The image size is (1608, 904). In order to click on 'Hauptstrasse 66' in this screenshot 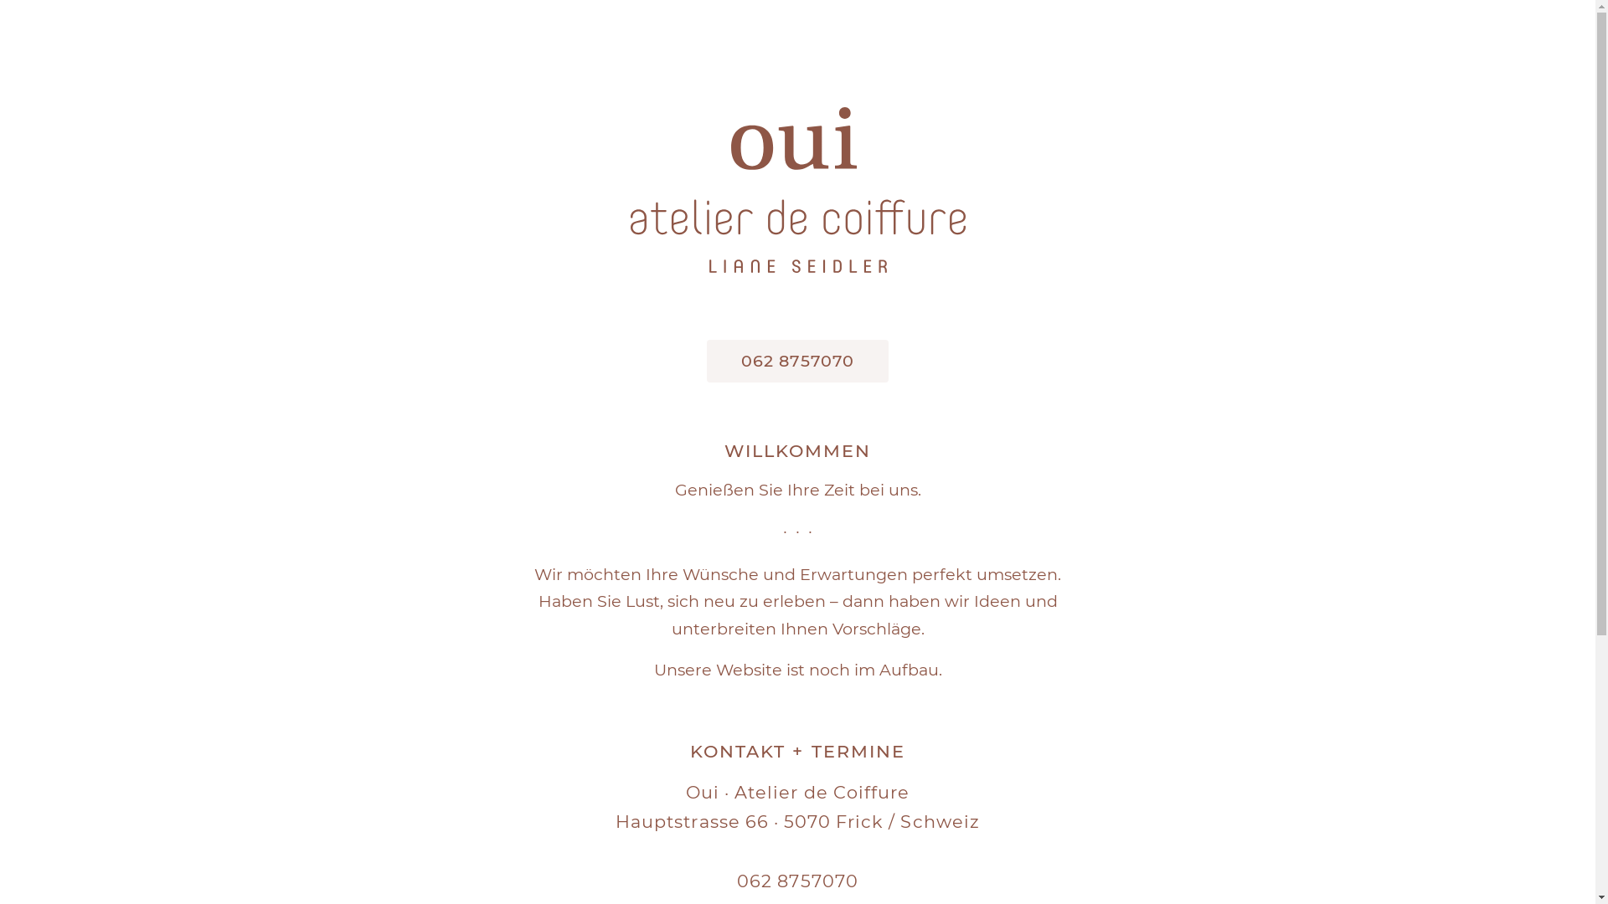, I will do `click(692, 820)`.